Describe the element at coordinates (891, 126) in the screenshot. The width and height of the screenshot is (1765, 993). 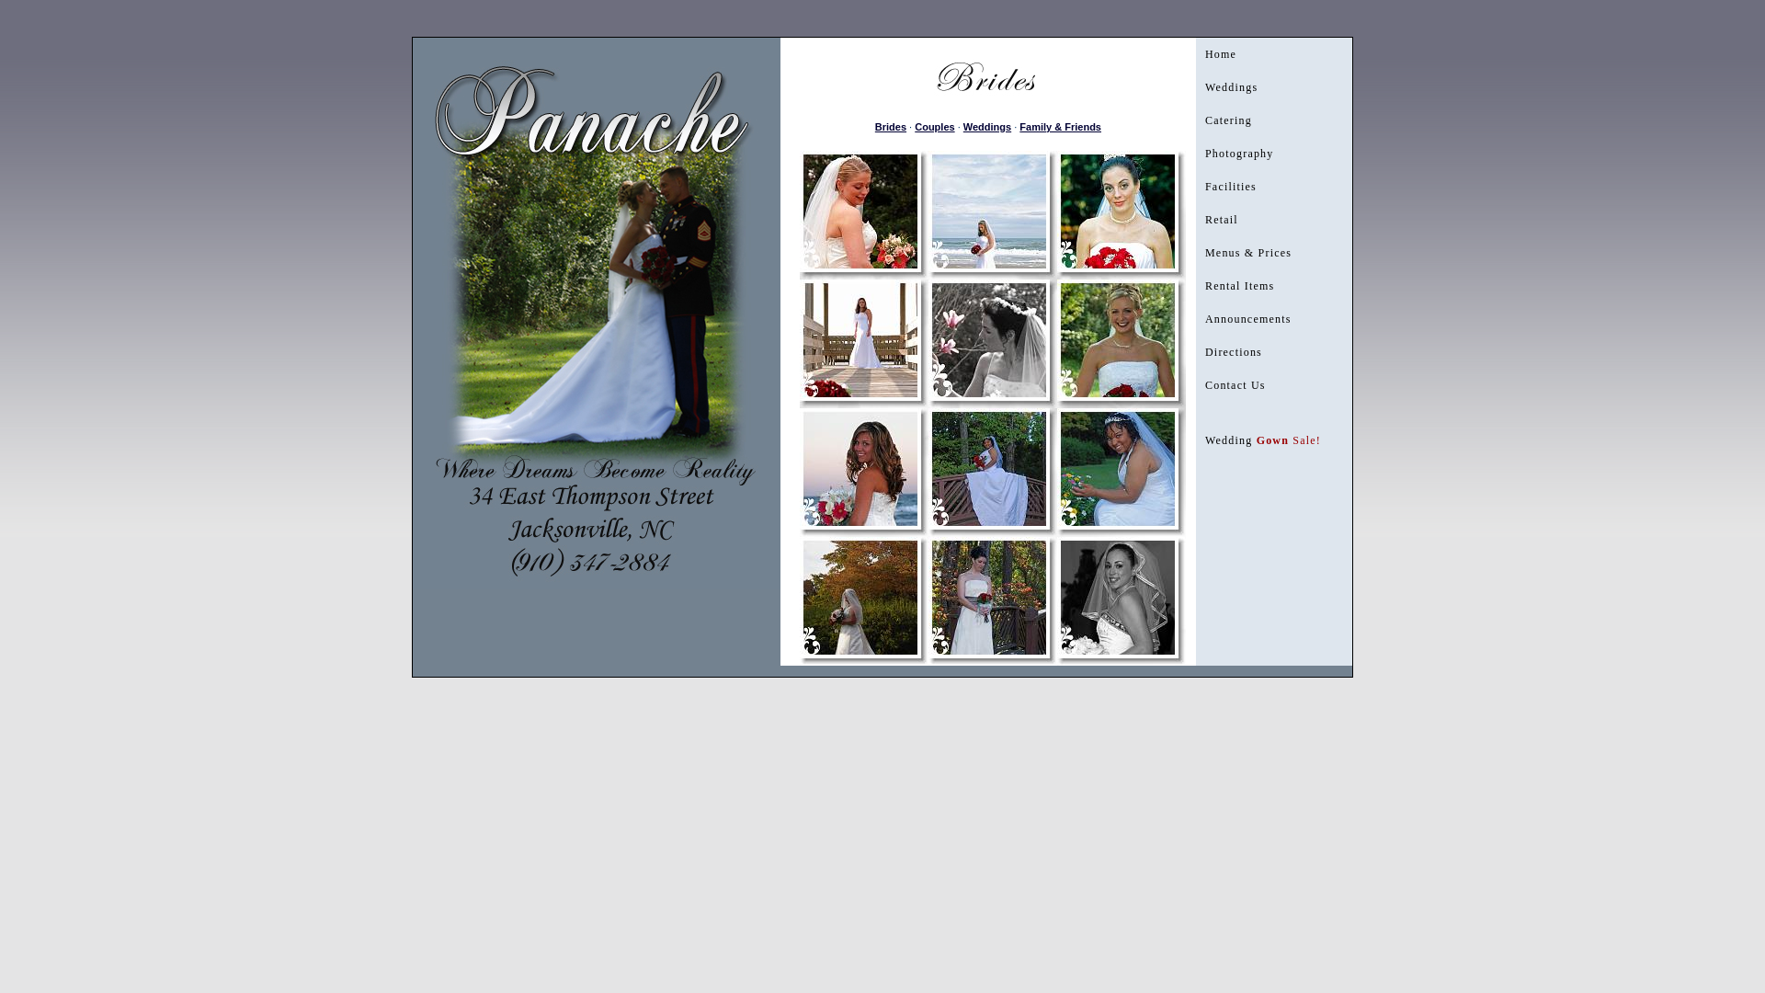
I see `'Brides'` at that location.